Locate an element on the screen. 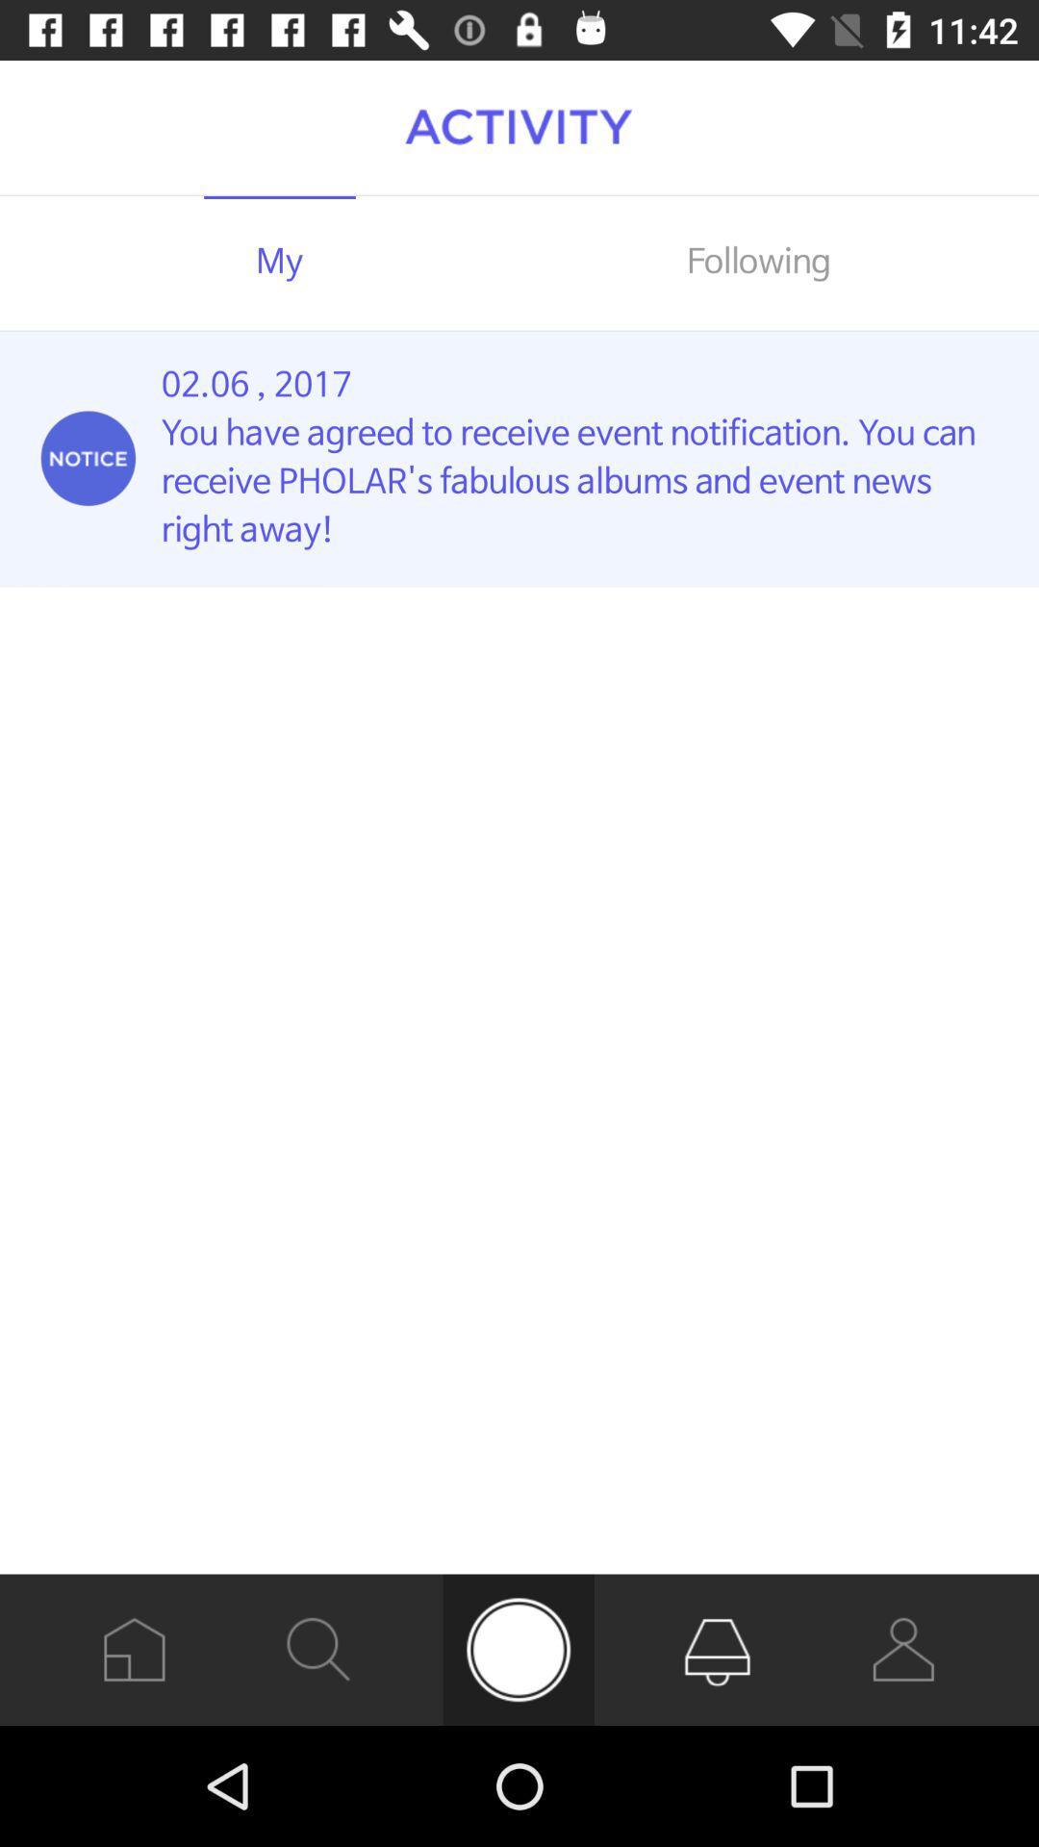  the avatar icon is located at coordinates (903, 1648).